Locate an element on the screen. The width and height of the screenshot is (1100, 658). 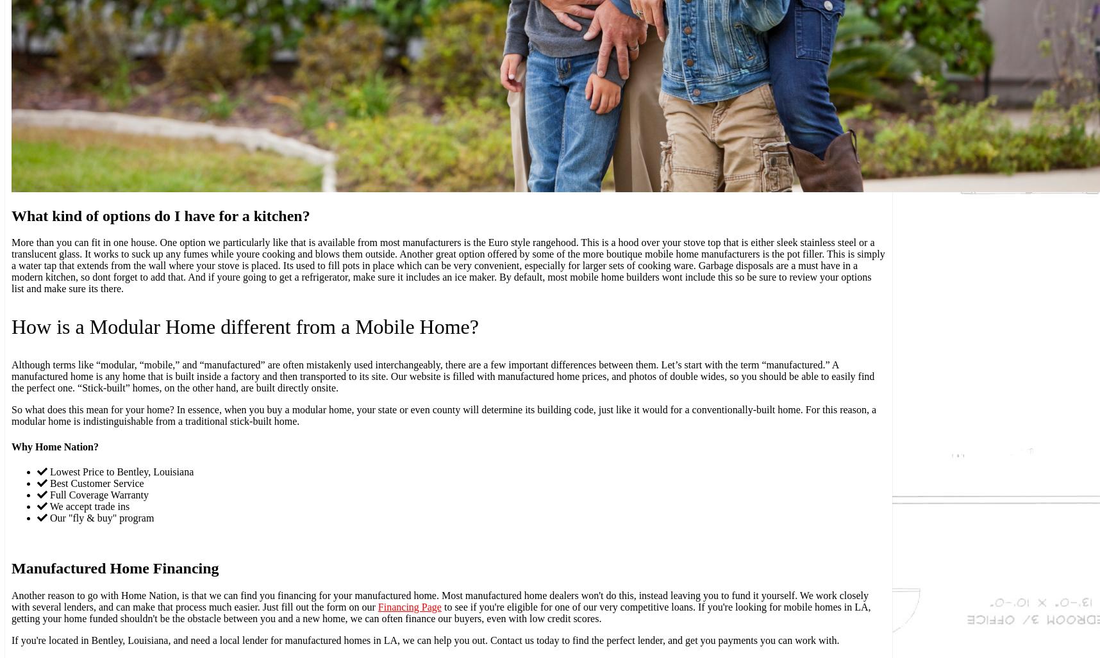
'Full Coverage Warranty' is located at coordinates (97, 493).